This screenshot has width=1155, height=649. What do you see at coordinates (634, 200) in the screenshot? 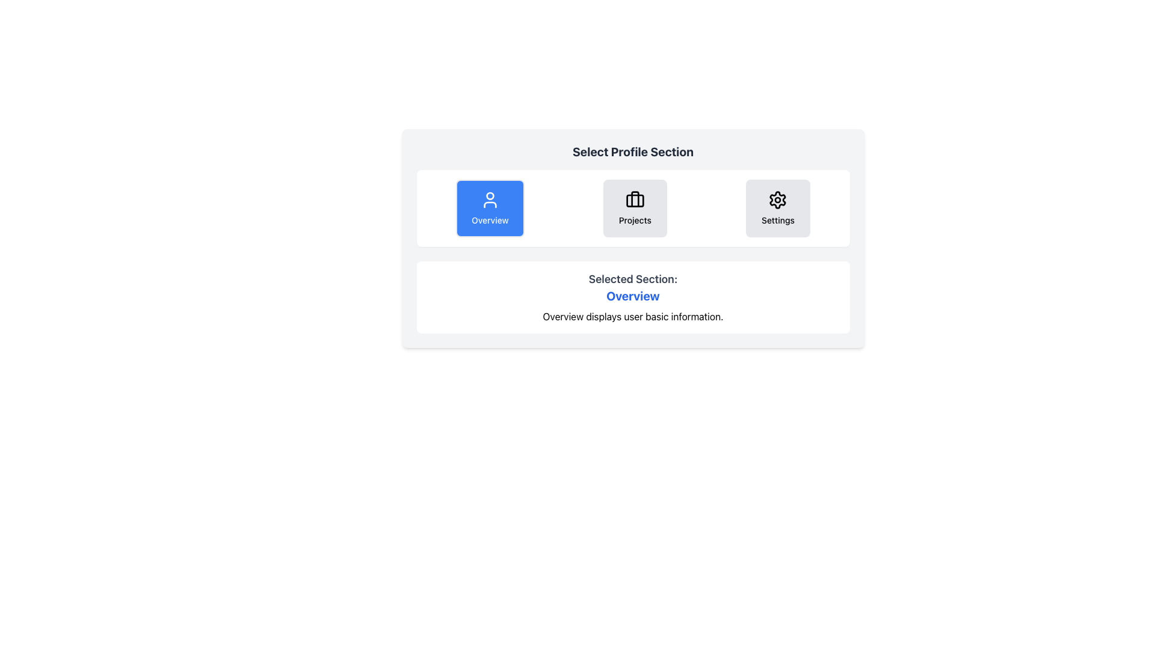
I see `the Decorative Graphic Element, which is a rectangular shape with rounded corners located within the briefcase icon in the 'Projects' section of the profile selector` at bounding box center [634, 200].